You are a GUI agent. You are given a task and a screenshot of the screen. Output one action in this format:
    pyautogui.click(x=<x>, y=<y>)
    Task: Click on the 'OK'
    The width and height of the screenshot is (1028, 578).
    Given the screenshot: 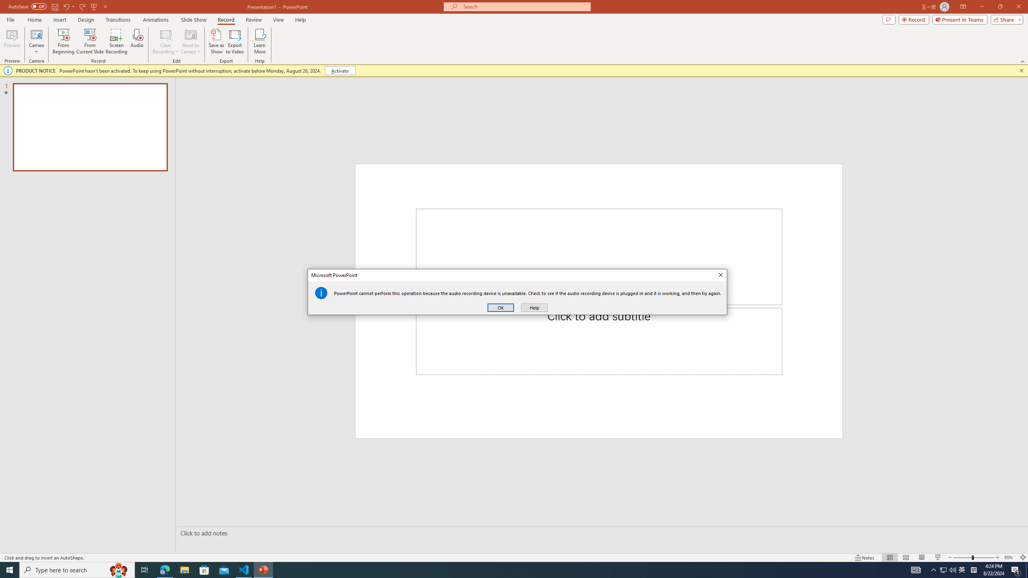 What is the action you would take?
    pyautogui.click(x=500, y=307)
    